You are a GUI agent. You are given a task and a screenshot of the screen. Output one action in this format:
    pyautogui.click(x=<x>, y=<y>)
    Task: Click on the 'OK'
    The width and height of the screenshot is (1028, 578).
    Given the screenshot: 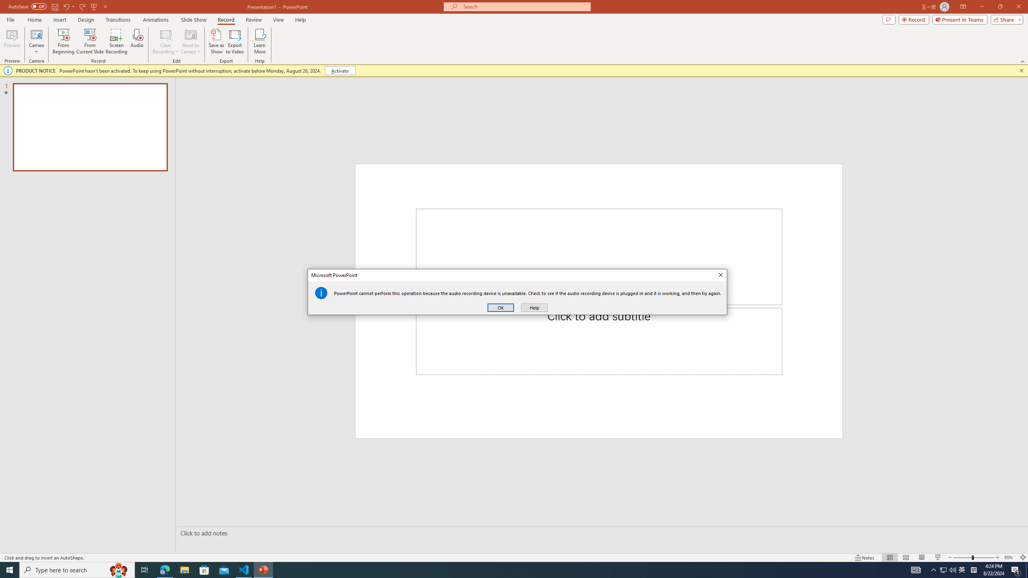 What is the action you would take?
    pyautogui.click(x=500, y=307)
    